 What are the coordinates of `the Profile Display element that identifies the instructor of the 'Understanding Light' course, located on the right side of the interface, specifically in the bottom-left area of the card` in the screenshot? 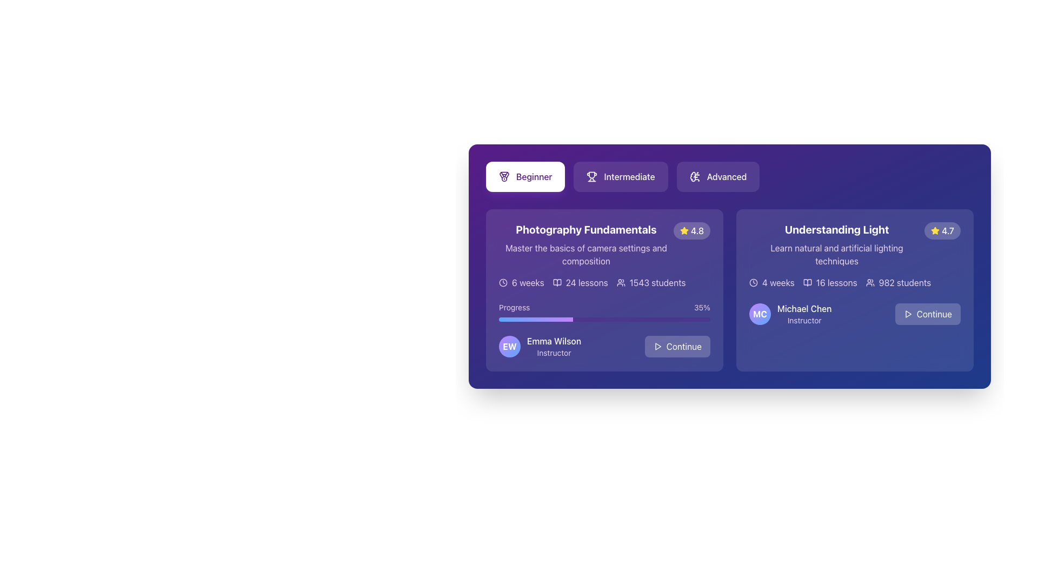 It's located at (790, 314).